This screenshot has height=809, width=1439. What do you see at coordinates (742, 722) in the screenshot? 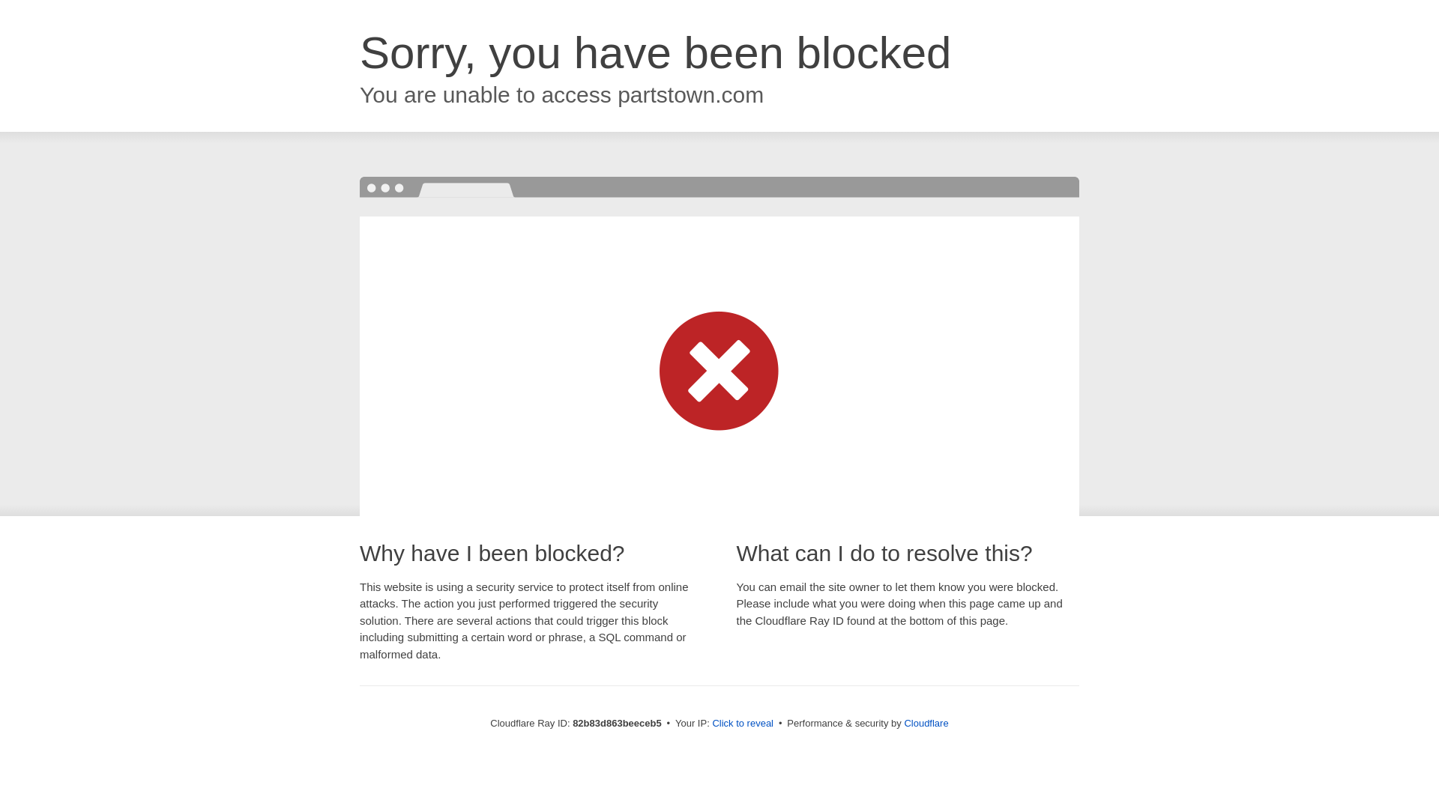
I see `'Click to reveal'` at bounding box center [742, 722].